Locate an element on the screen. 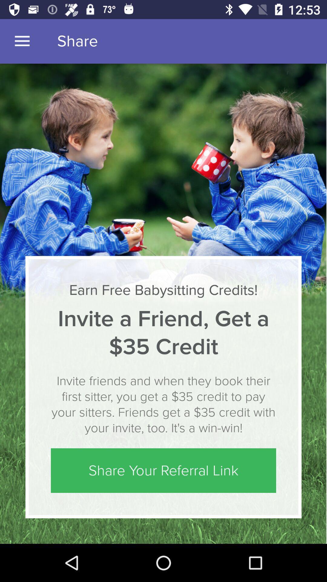 This screenshot has height=582, width=327. item to the left of the share is located at coordinates (22, 41).